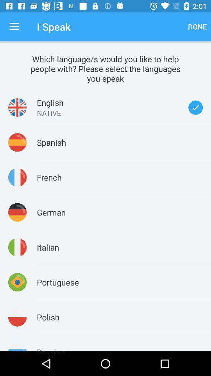 The image size is (211, 376). What do you see at coordinates (14, 27) in the screenshot?
I see `app next to the i speak app` at bounding box center [14, 27].